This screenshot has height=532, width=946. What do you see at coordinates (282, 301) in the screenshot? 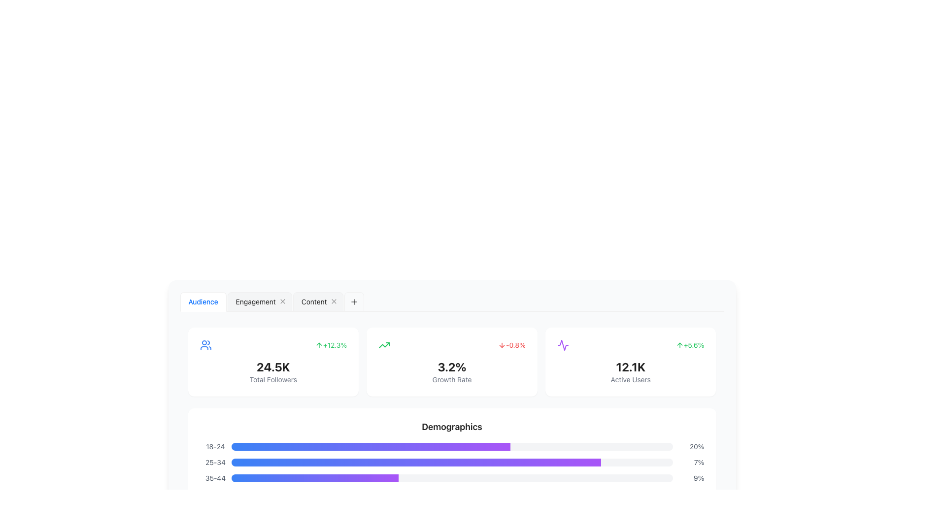
I see `the cross button located to the immediate right of the 'Engagement' tab` at bounding box center [282, 301].